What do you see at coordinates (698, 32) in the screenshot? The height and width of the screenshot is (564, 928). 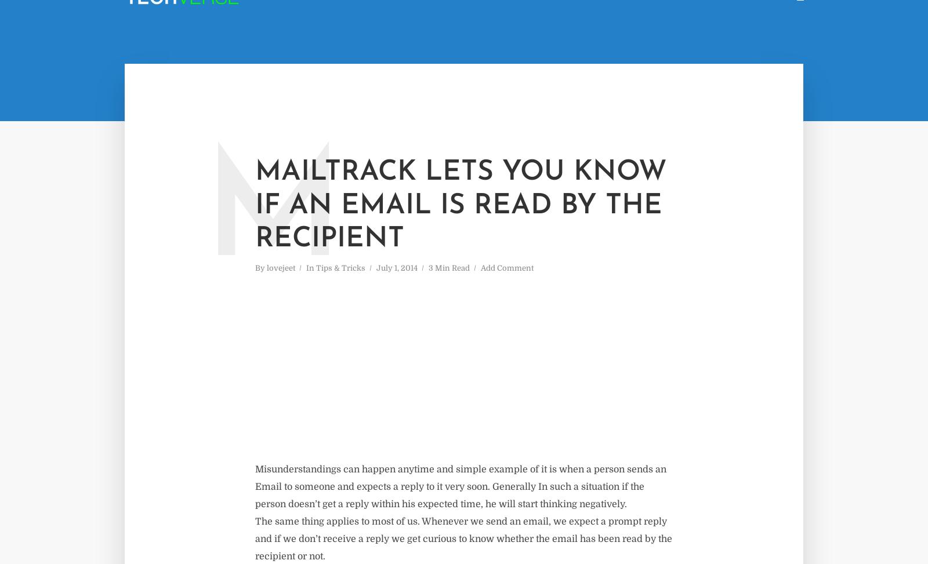 I see `'Category'` at bounding box center [698, 32].